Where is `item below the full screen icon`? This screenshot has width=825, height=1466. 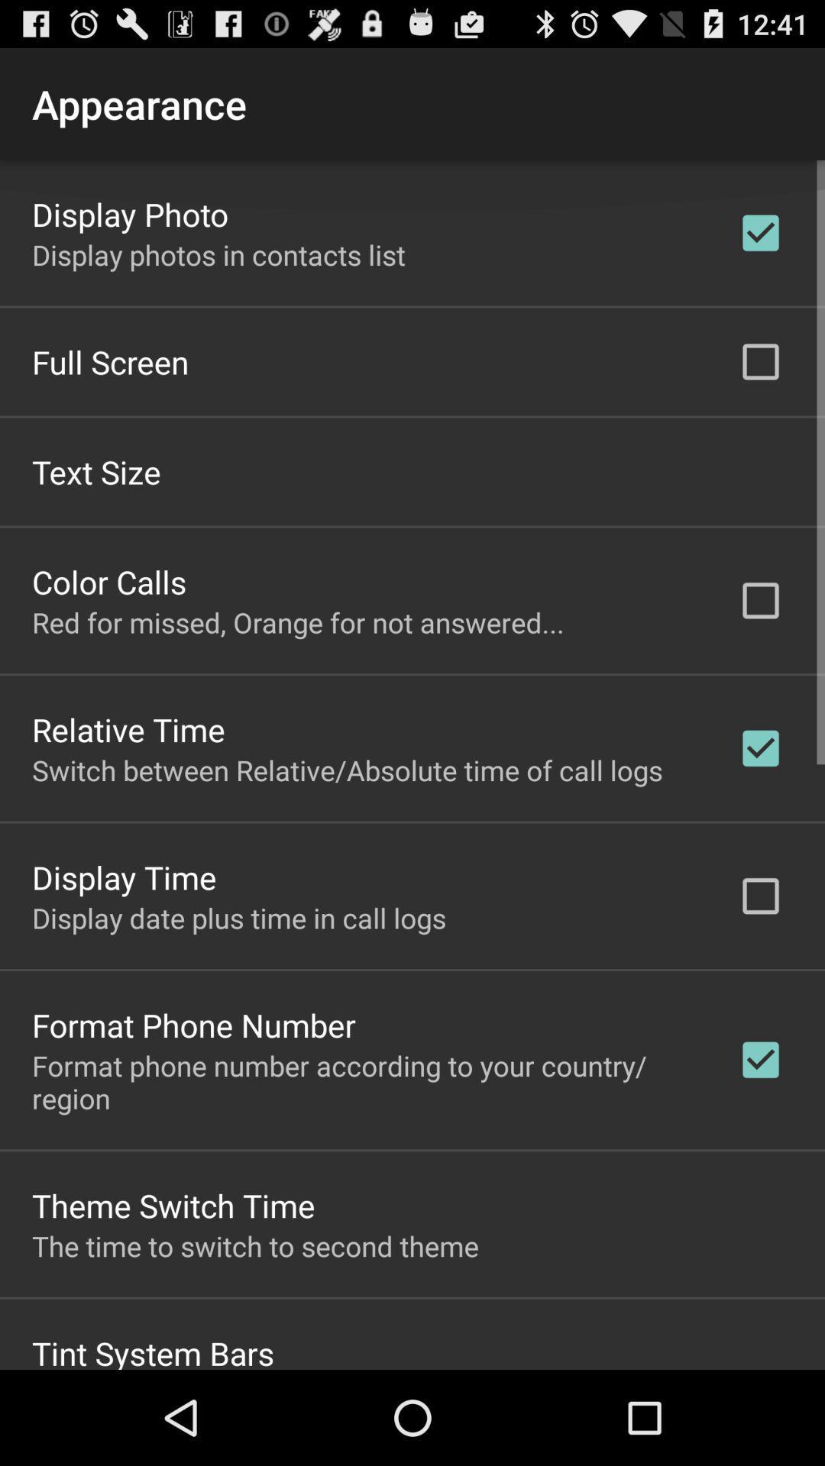 item below the full screen icon is located at coordinates (96, 470).